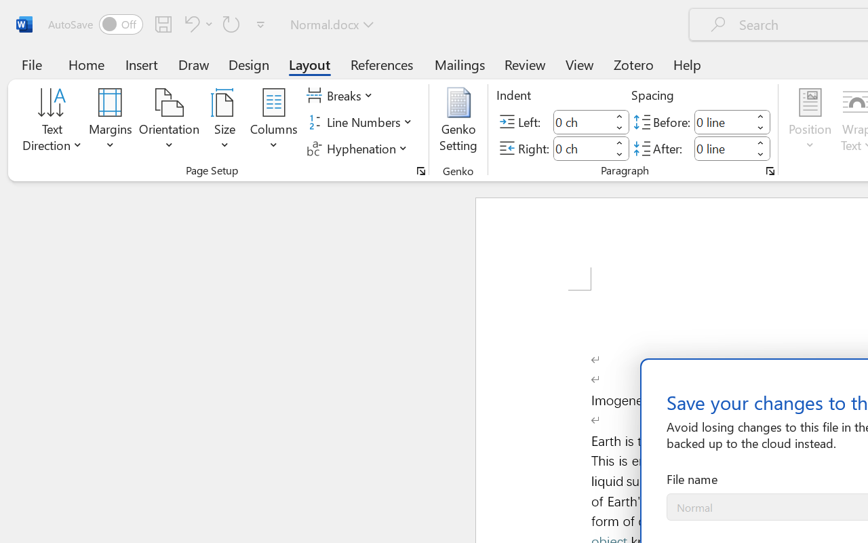  Describe the element at coordinates (225, 121) in the screenshot. I see `'Size'` at that location.